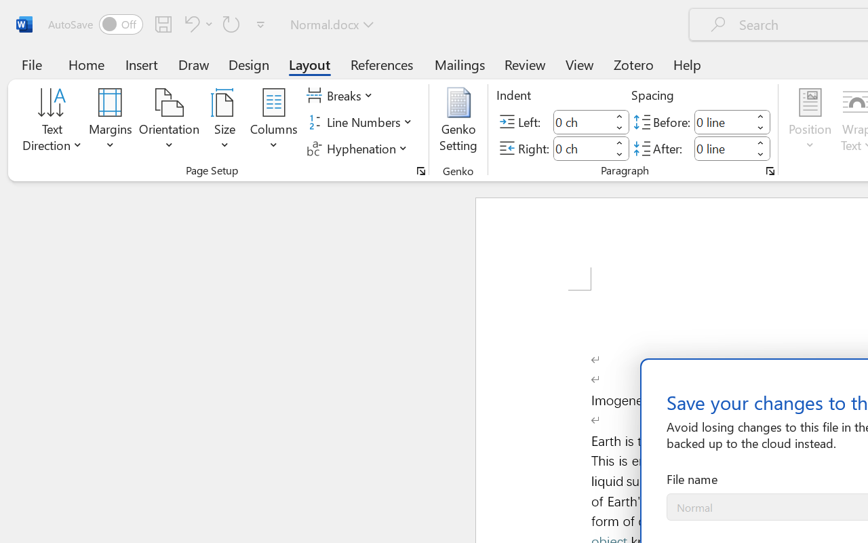  Describe the element at coordinates (225, 121) in the screenshot. I see `'Size'` at that location.